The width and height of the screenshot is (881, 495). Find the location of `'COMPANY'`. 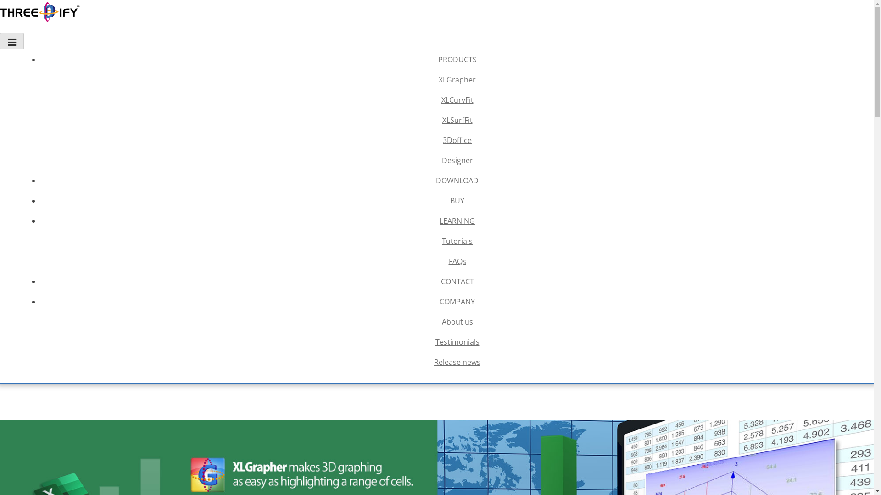

'COMPANY' is located at coordinates (42, 302).